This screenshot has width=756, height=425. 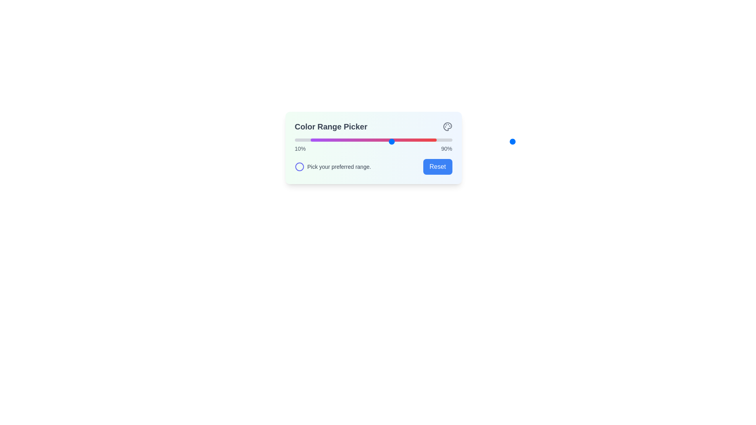 What do you see at coordinates (403, 139) in the screenshot?
I see `the slider value` at bounding box center [403, 139].